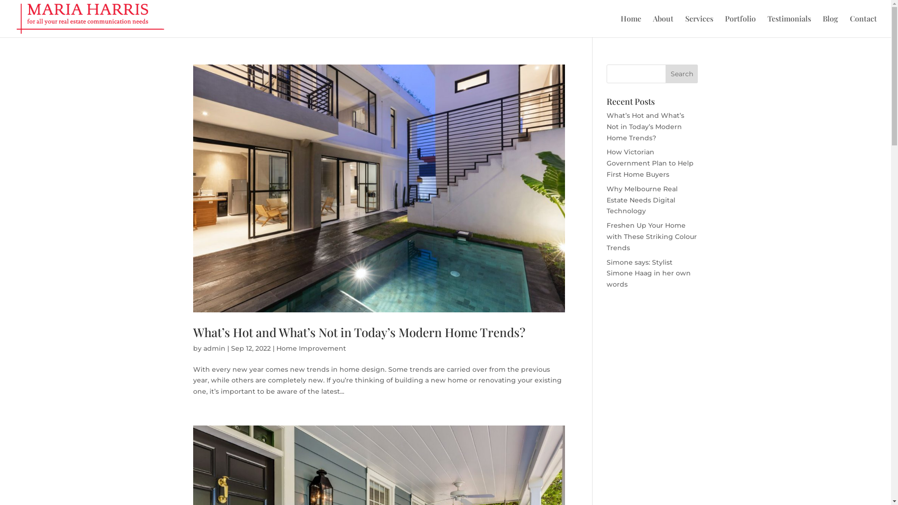 The height and width of the screenshot is (505, 898). I want to click on 'admin', so click(213, 348).